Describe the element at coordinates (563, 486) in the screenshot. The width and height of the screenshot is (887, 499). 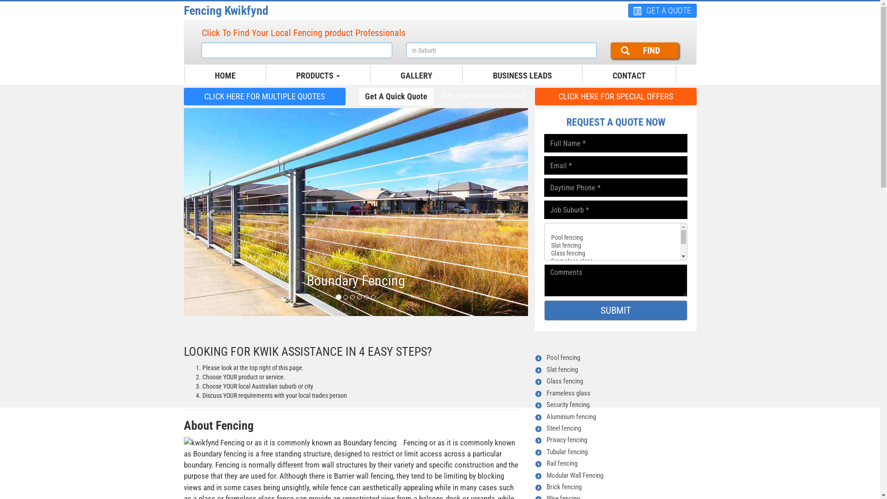
I see `'Brick fencing'` at that location.